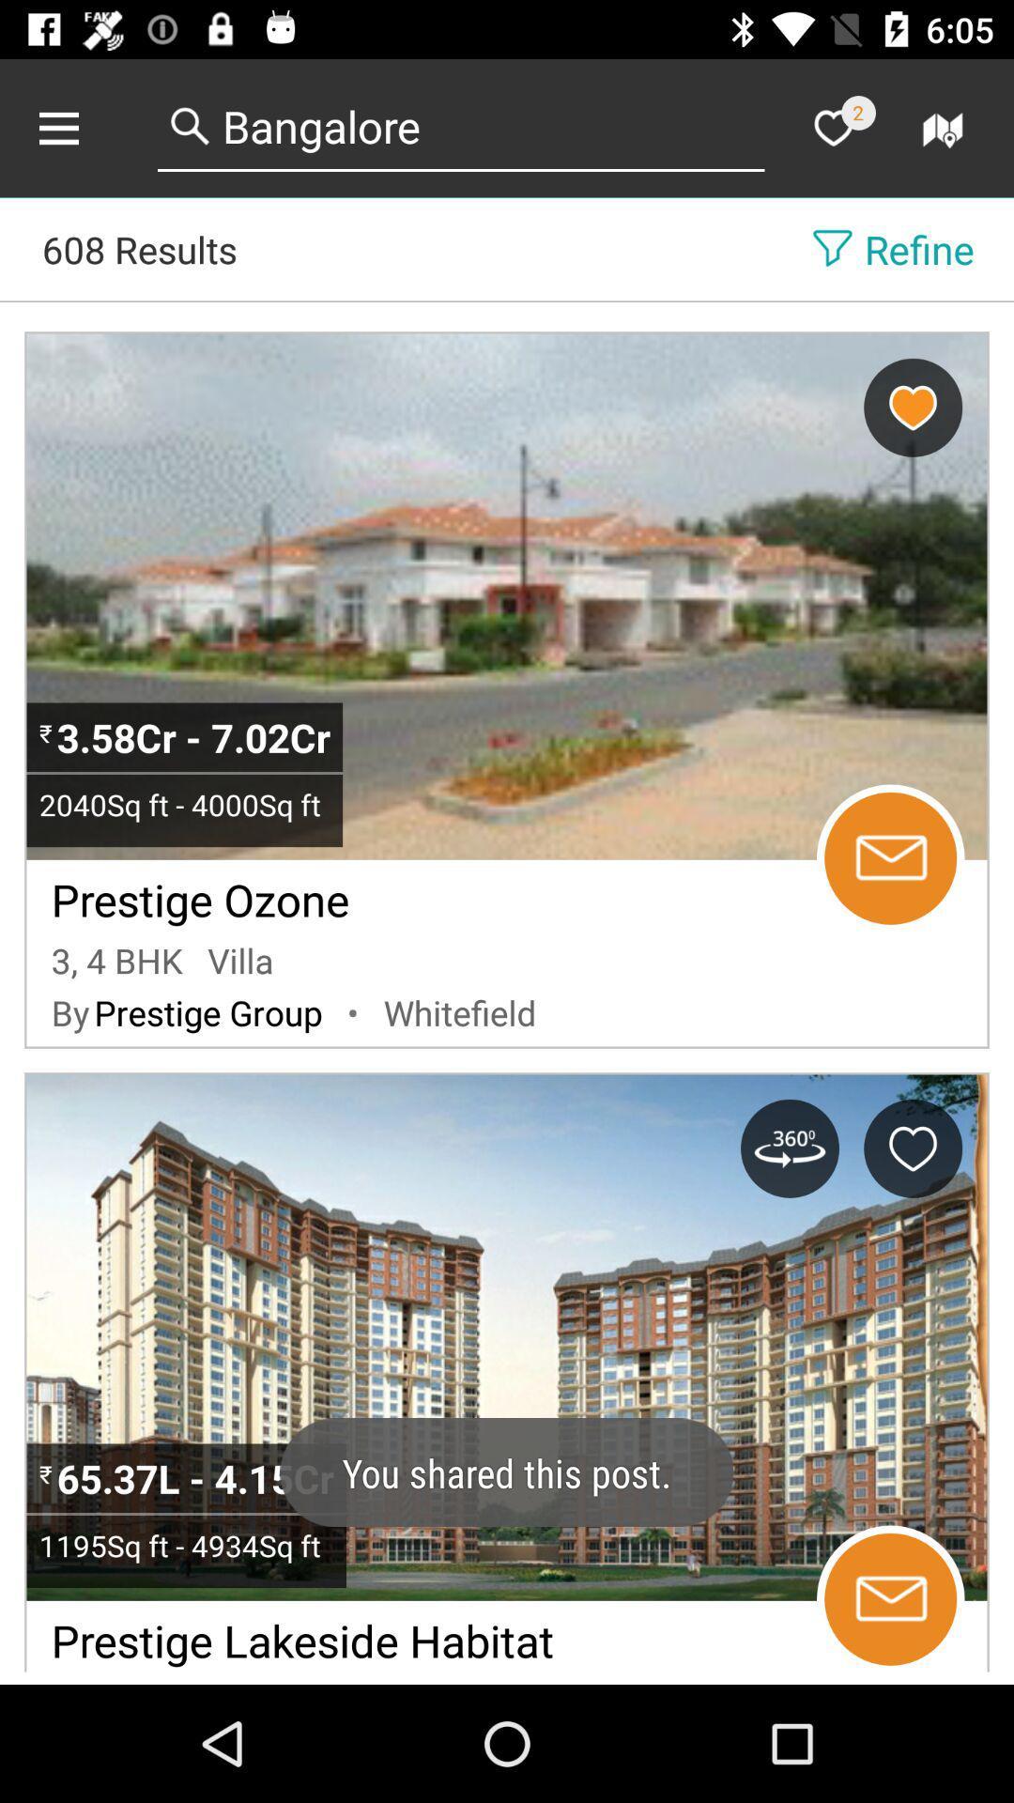 This screenshot has width=1014, height=1803. What do you see at coordinates (832, 127) in the screenshot?
I see `like notification` at bounding box center [832, 127].